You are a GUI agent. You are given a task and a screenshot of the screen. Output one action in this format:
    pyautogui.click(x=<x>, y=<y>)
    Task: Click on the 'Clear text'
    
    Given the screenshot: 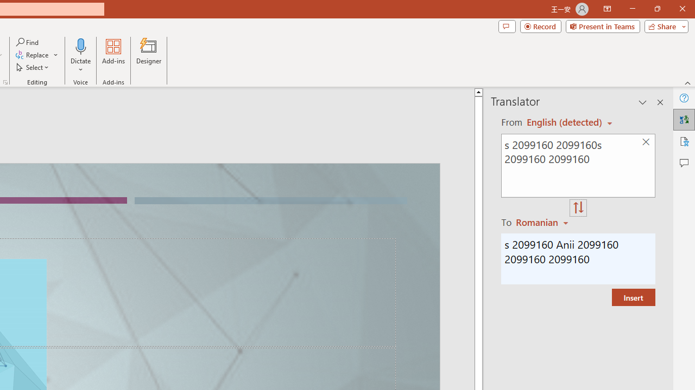 What is the action you would take?
    pyautogui.click(x=646, y=142)
    